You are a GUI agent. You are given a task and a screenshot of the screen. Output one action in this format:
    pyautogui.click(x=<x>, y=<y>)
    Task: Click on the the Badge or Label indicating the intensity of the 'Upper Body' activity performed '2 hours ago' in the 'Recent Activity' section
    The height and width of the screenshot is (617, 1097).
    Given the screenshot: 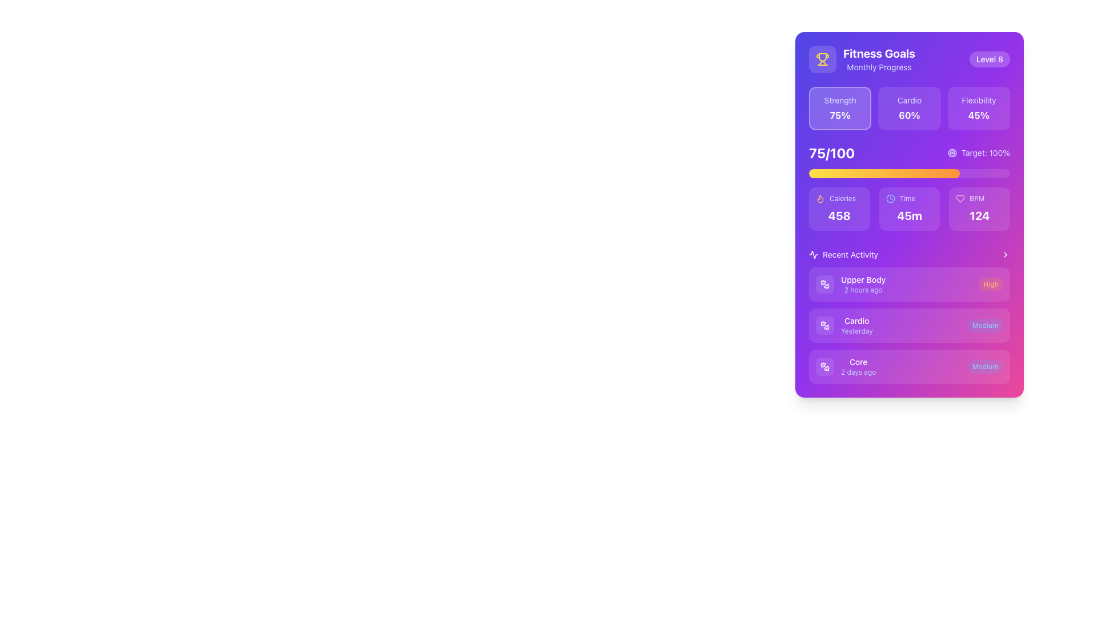 What is the action you would take?
    pyautogui.click(x=990, y=283)
    